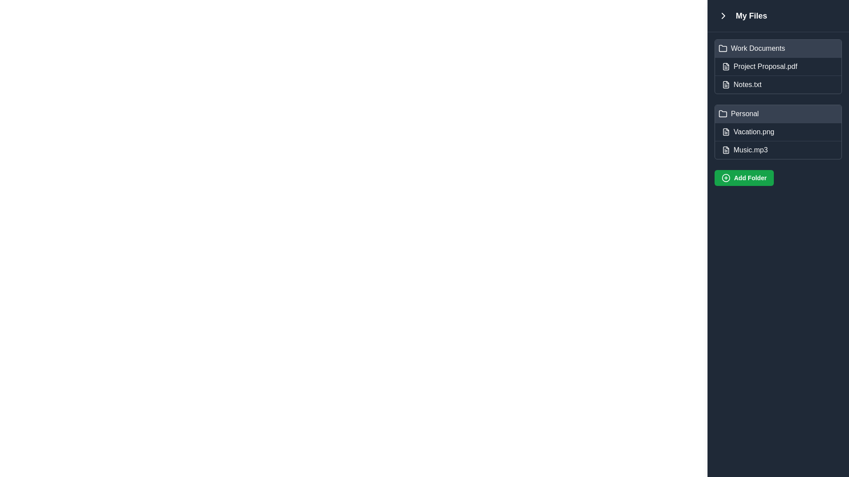 This screenshot has width=849, height=477. Describe the element at coordinates (753, 132) in the screenshot. I see `on the text label for the file 'Vacation.png', which is the second item in the 'Personal' folder section of the 'My Files' interface` at that location.